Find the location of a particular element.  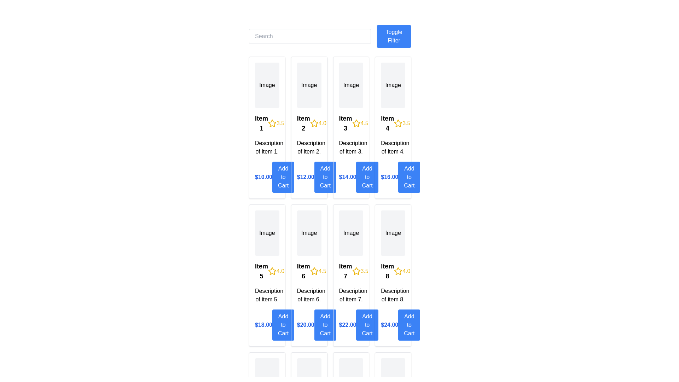

text of the label that identifies the associated item in the grid, located in the rightmost column, fourth row, under the image placeholder is located at coordinates (387, 271).